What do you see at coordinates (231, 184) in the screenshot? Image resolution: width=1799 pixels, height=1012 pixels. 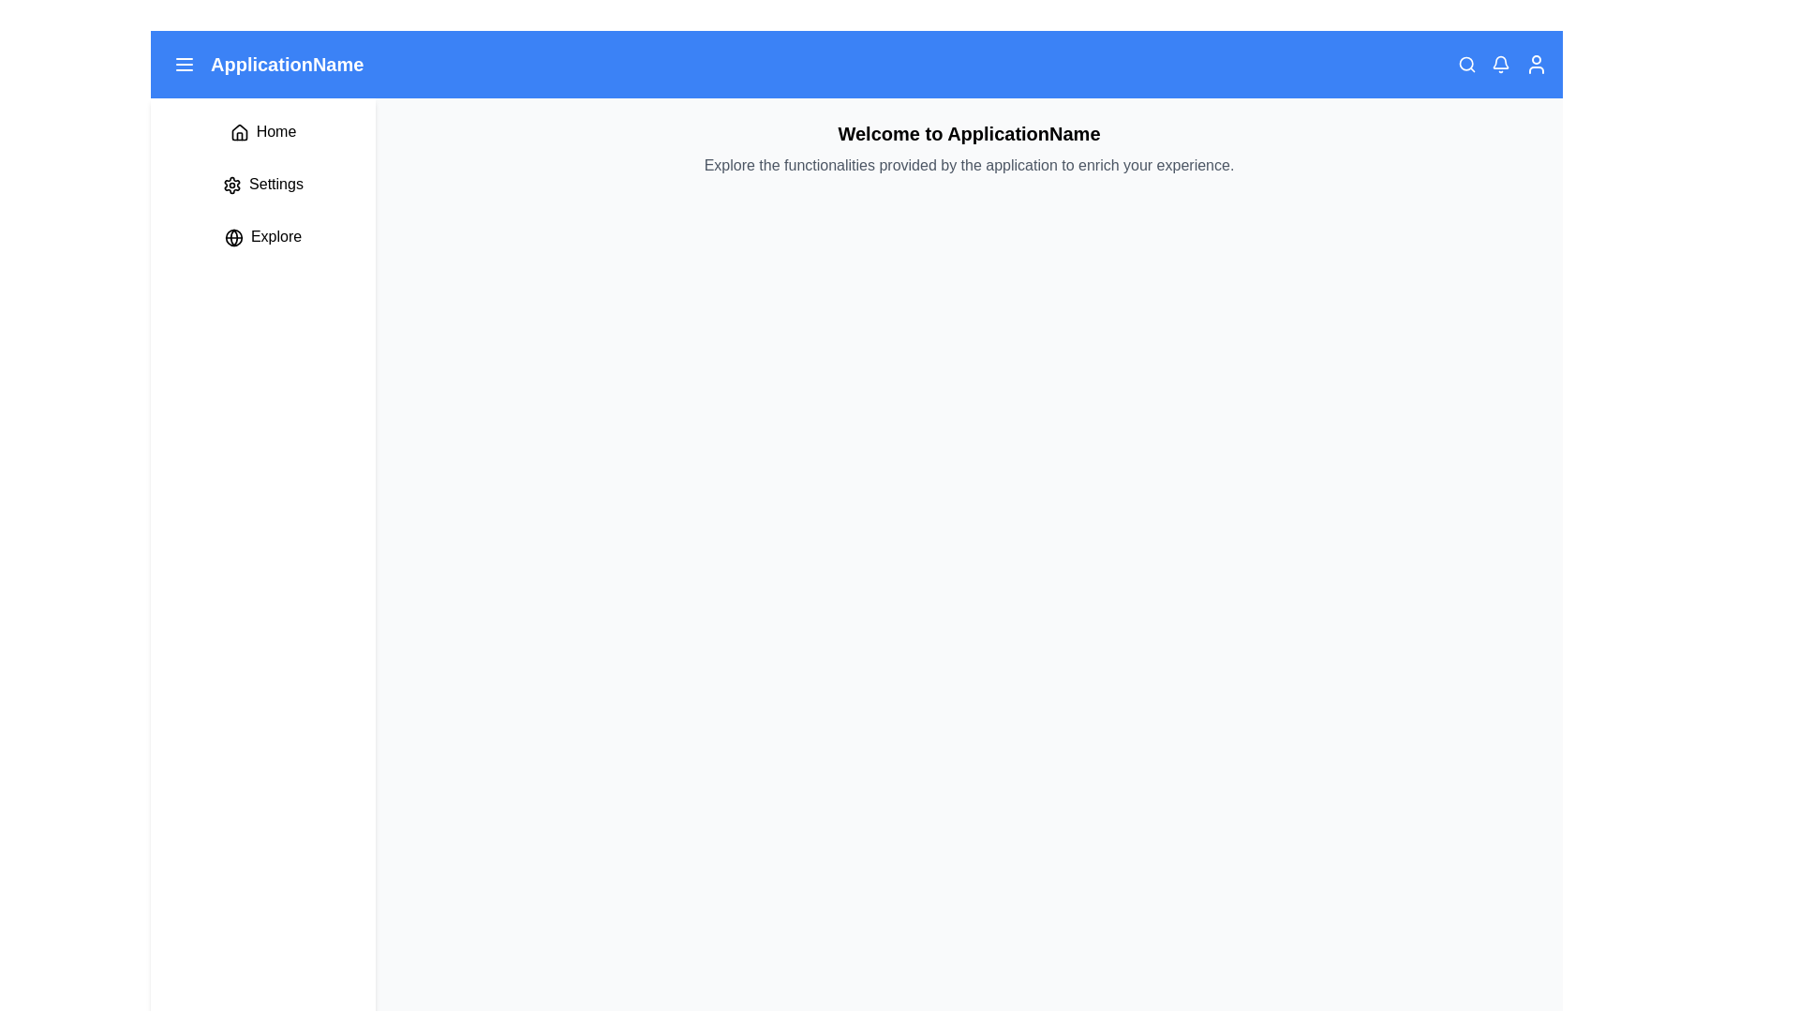 I see `the settings icon located in the vertical sidebar of the application, positioned below the Home menu item and above the Explore menu item` at bounding box center [231, 184].